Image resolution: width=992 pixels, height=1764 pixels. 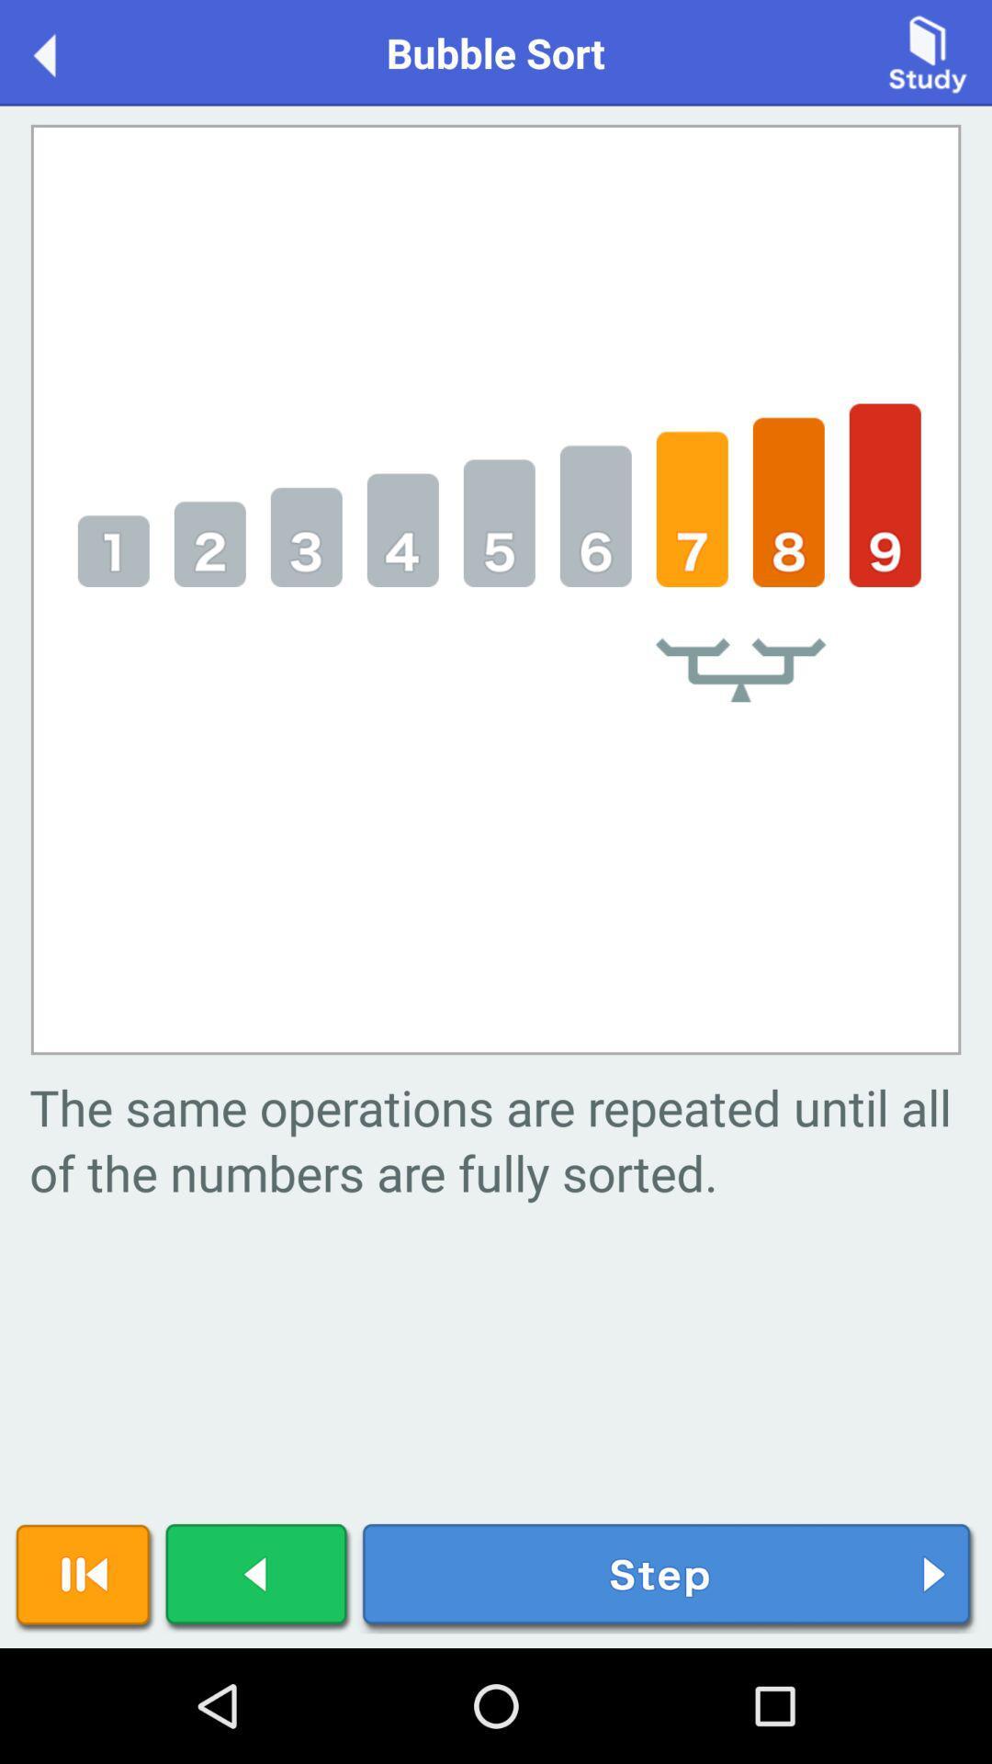 What do you see at coordinates (928, 51) in the screenshot?
I see `the item to the right of bubble sort icon` at bounding box center [928, 51].